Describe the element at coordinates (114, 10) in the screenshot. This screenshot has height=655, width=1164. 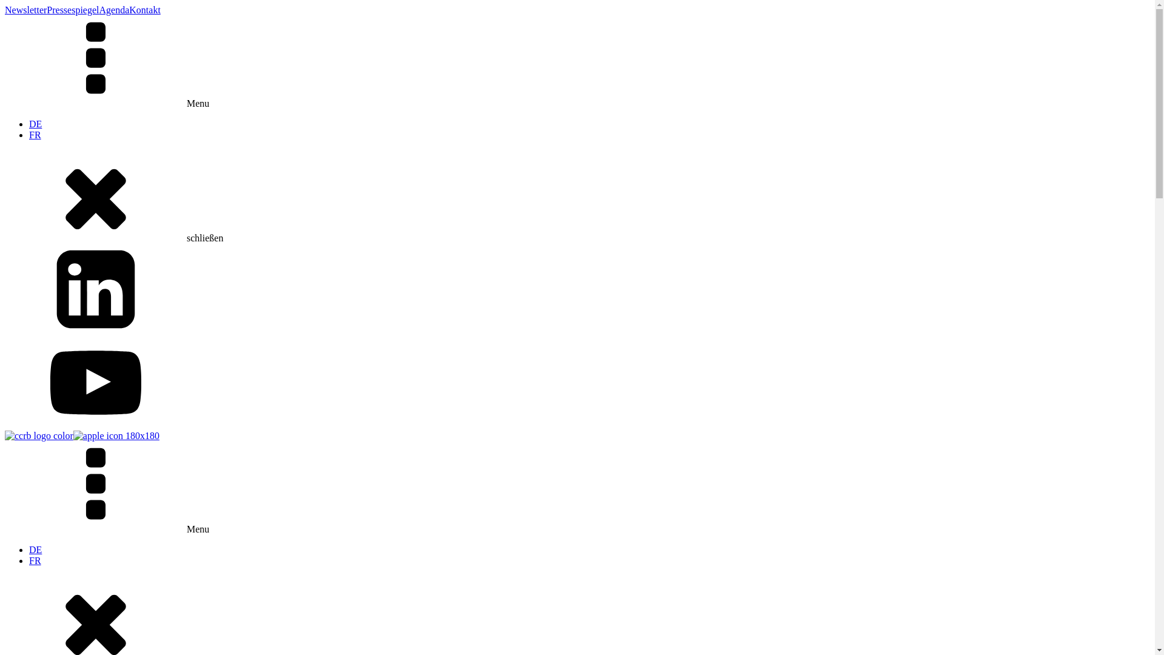
I see `'Agenda'` at that location.